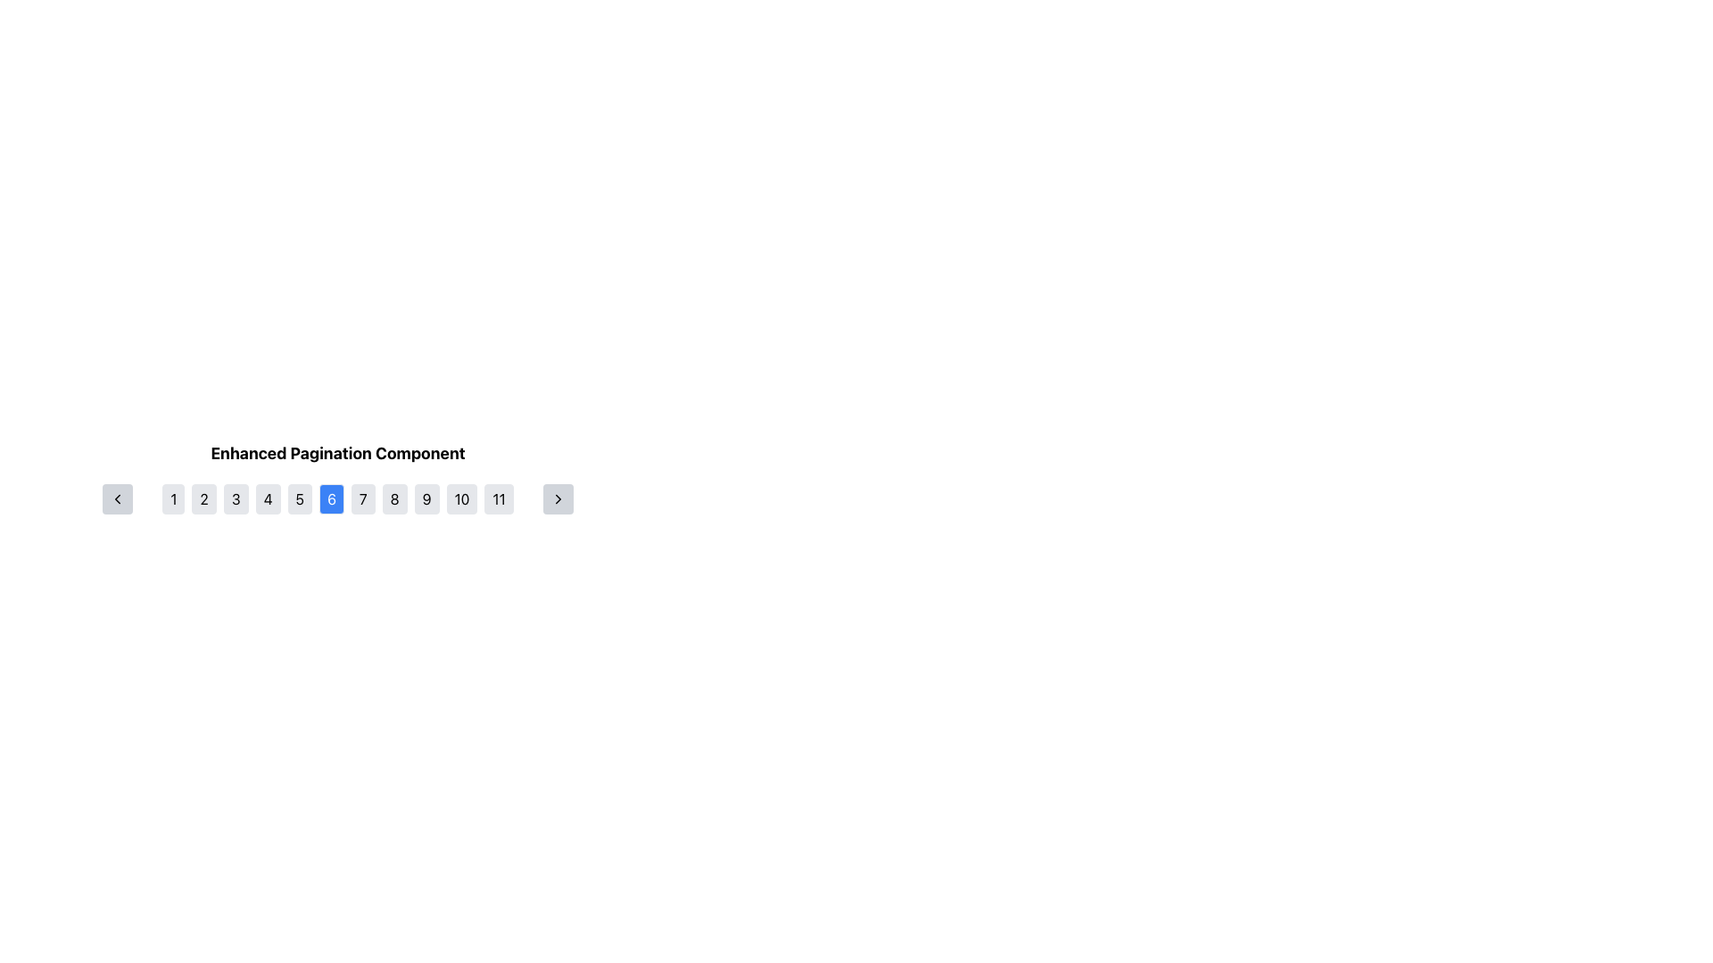  What do you see at coordinates (117, 498) in the screenshot?
I see `the previous page button located at the leftmost side of the pagination bar` at bounding box center [117, 498].